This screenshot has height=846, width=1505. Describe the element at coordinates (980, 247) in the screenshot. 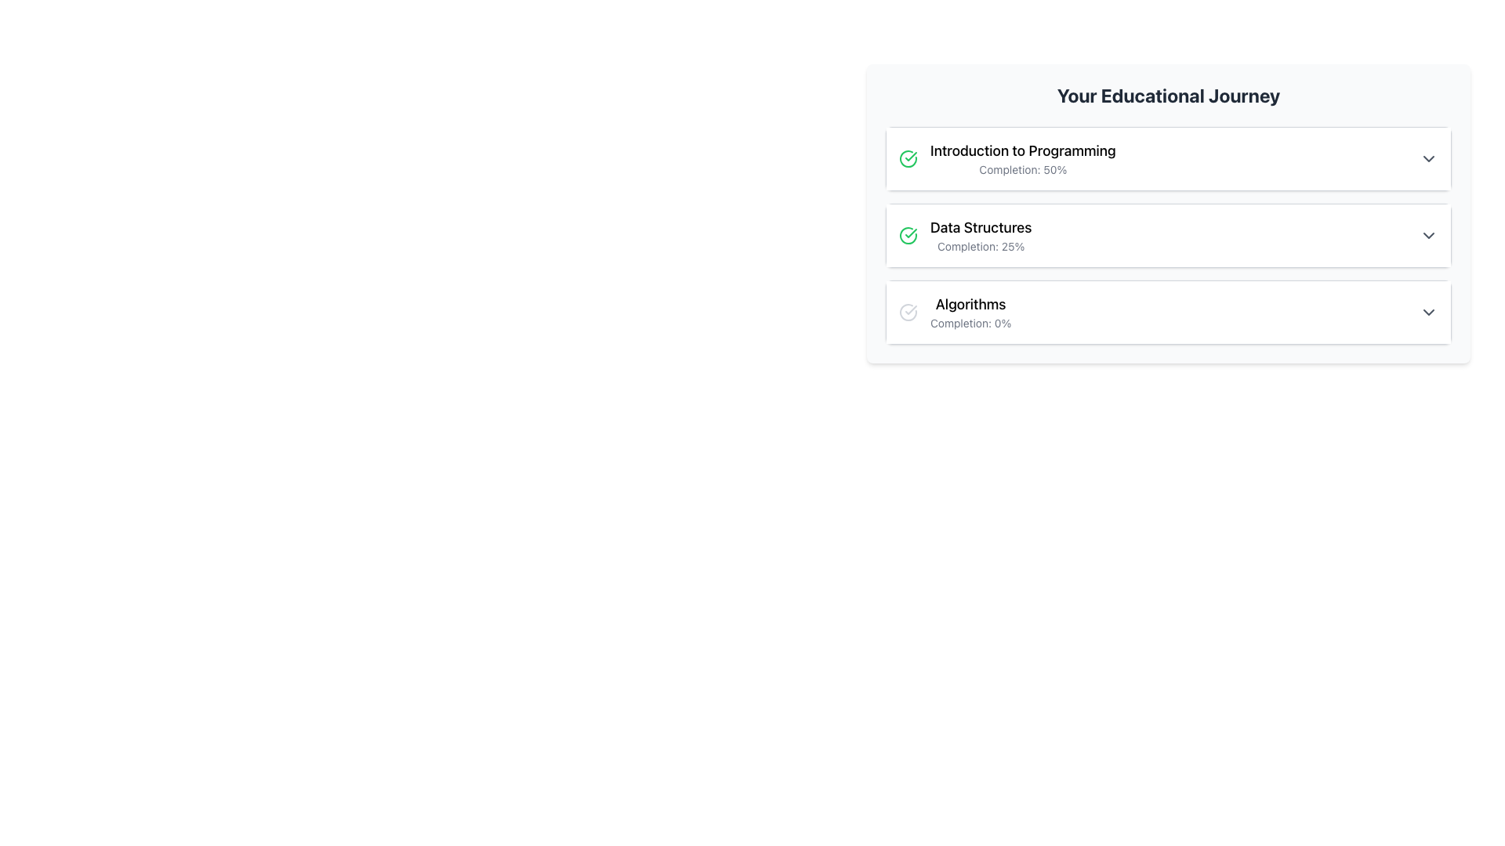

I see `the text label indicating the progress of the 'Data Structures' section, which shows that 25% has been completed. This label is located directly underneath the 'Data Structures' title and is aligned to its left` at that location.